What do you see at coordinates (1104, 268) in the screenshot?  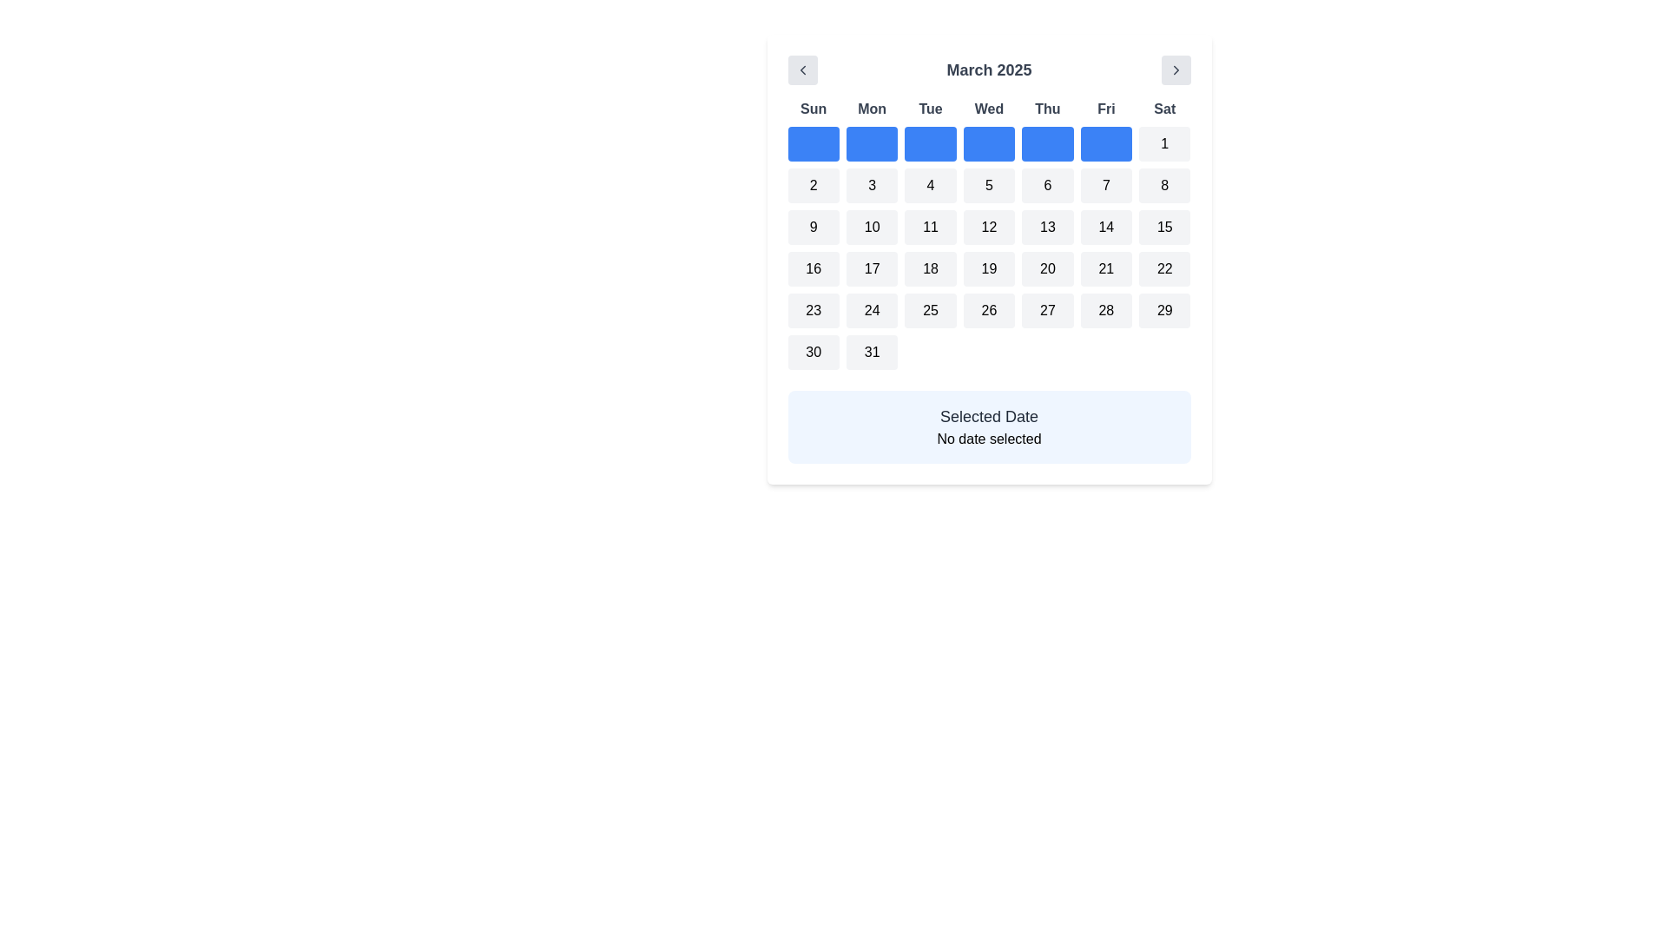 I see `the button representing the date '21' in the calendar located in the sixth row under the 'Fri.' column` at bounding box center [1104, 268].